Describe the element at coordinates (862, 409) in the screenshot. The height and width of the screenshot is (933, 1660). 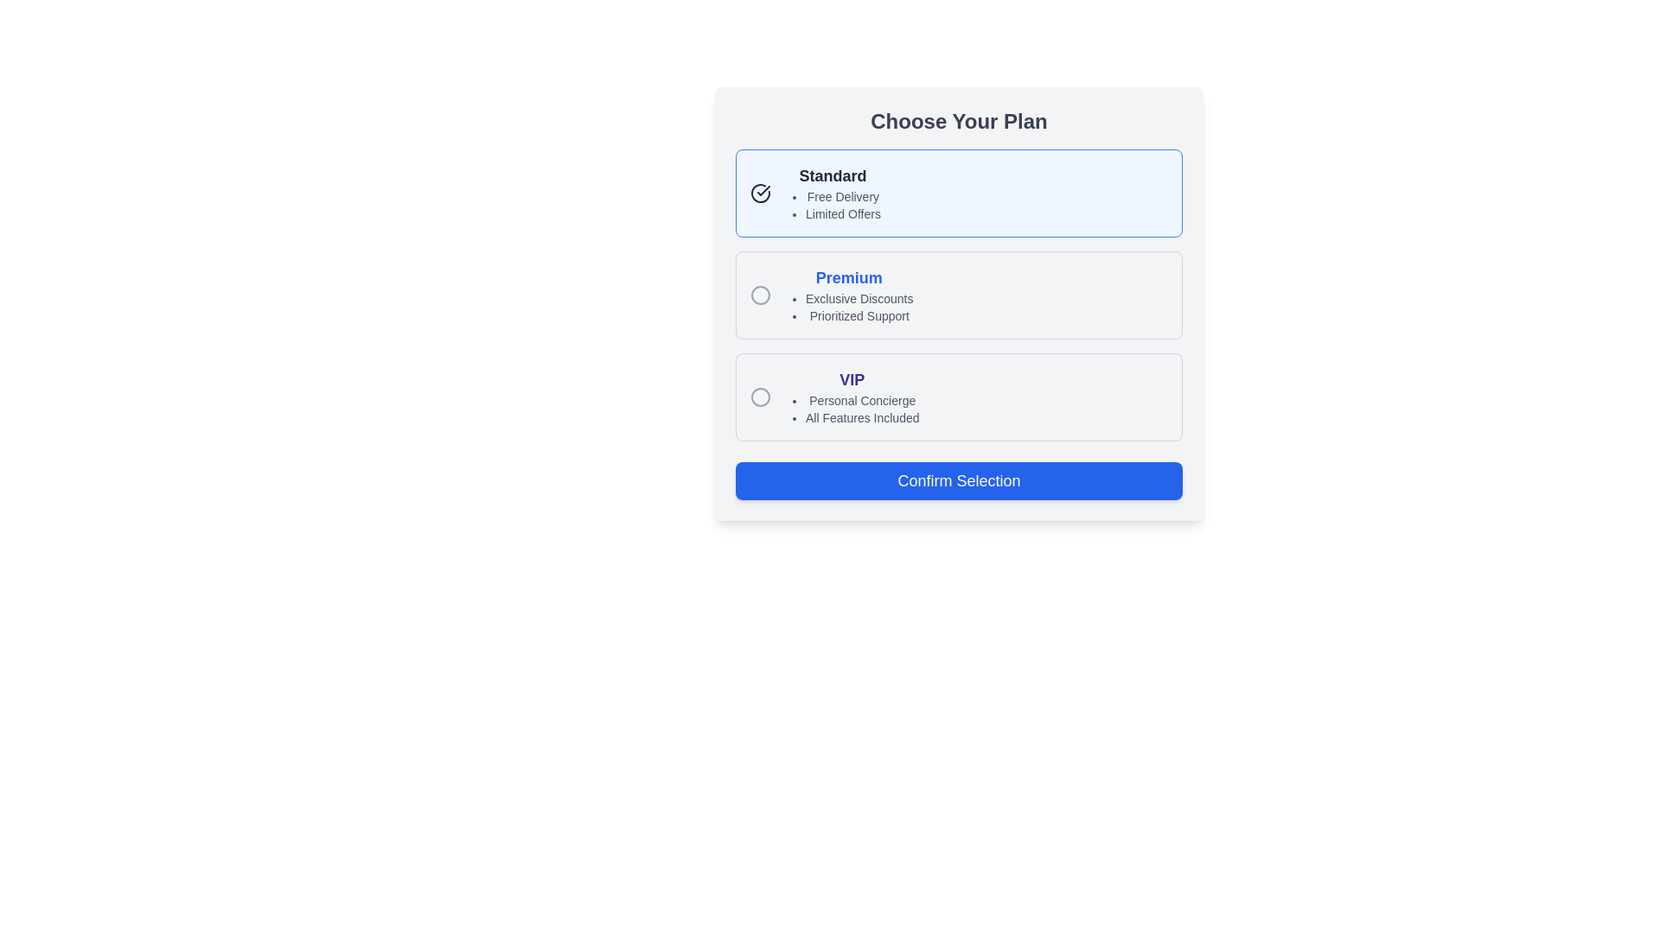
I see `the second list item describing features of the 'VIP' plan located beneath the 'VIP' header` at that location.